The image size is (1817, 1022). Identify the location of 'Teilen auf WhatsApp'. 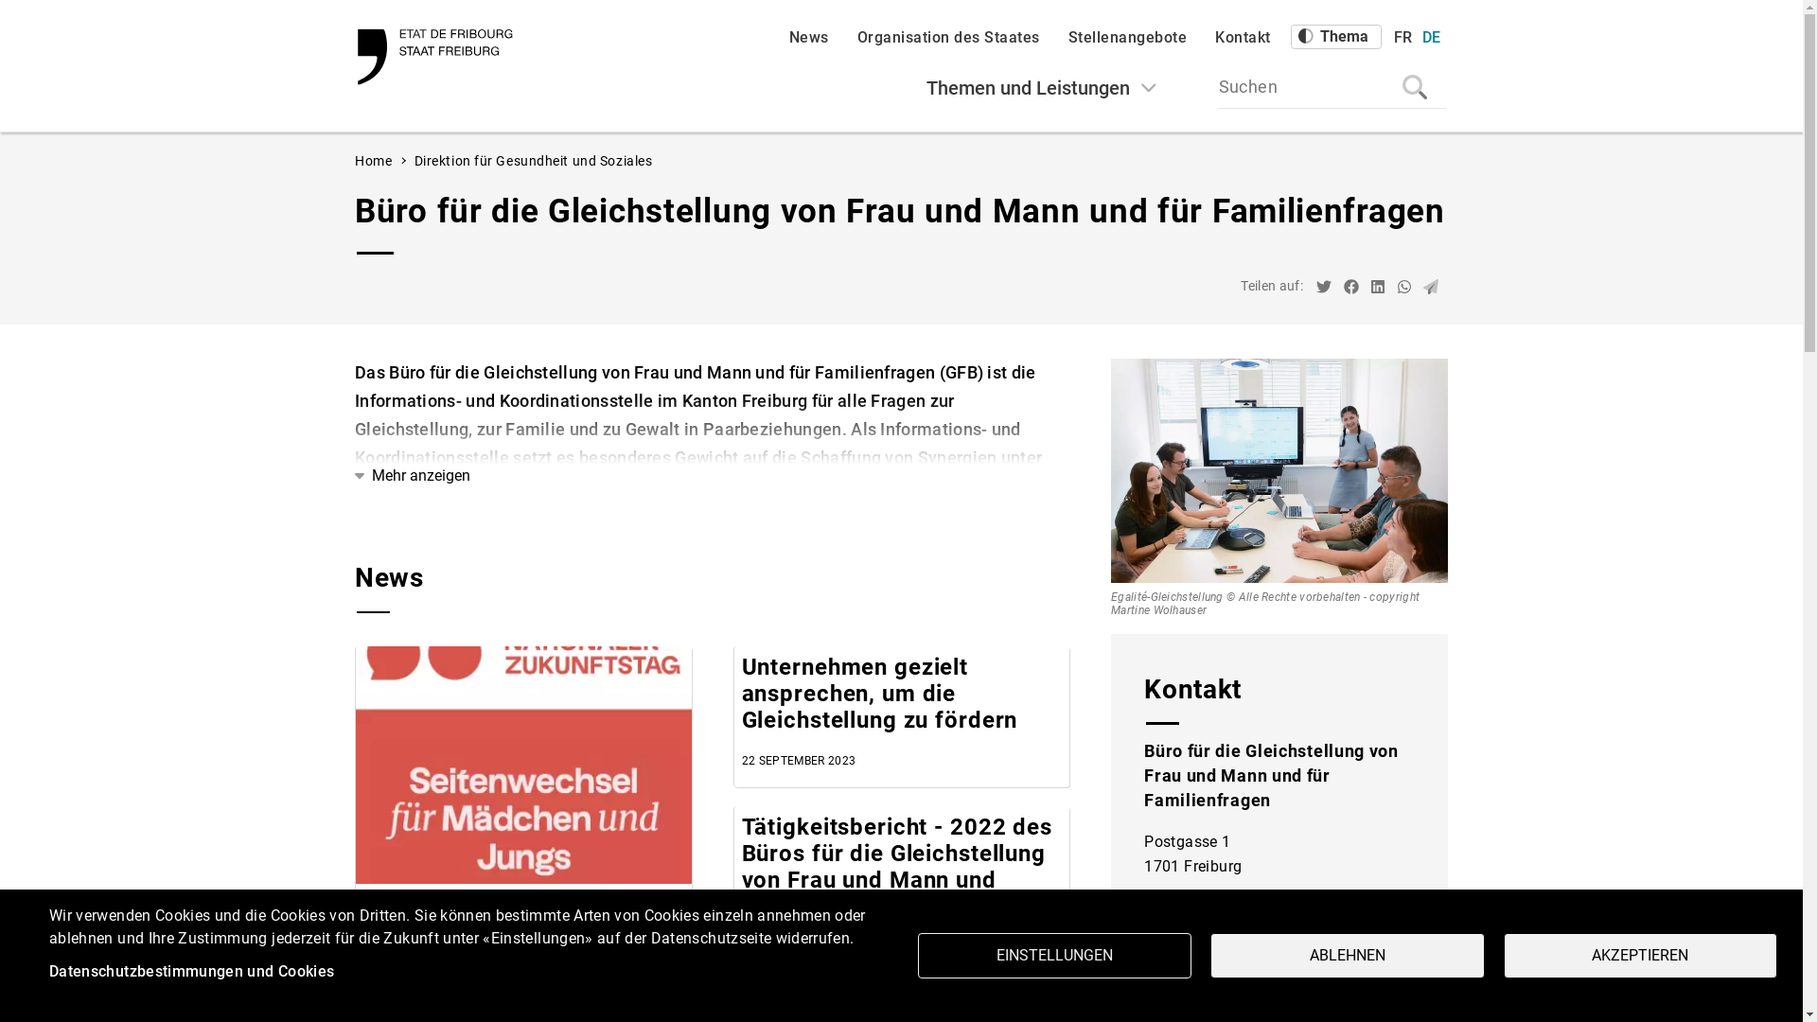
(1403, 288).